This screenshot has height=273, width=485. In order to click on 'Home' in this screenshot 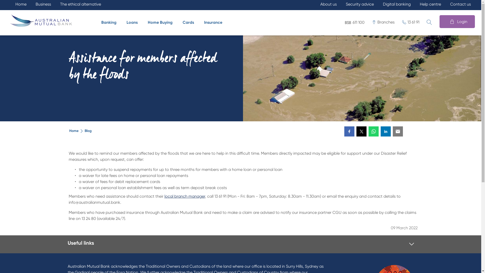, I will do `click(69, 130)`.